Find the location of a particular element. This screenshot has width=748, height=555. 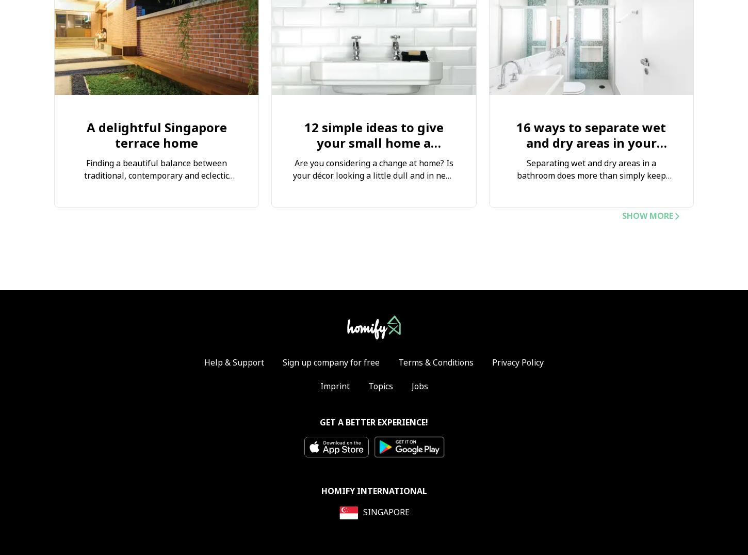

'Are you considering a change at home? Is
your décor looking a little dull and in need to a revamp? Today on homify we’re
going to take a look at 12 simple and spectacular alterations that will
revitalise your abode quickly and easily.' is located at coordinates (372, 195).